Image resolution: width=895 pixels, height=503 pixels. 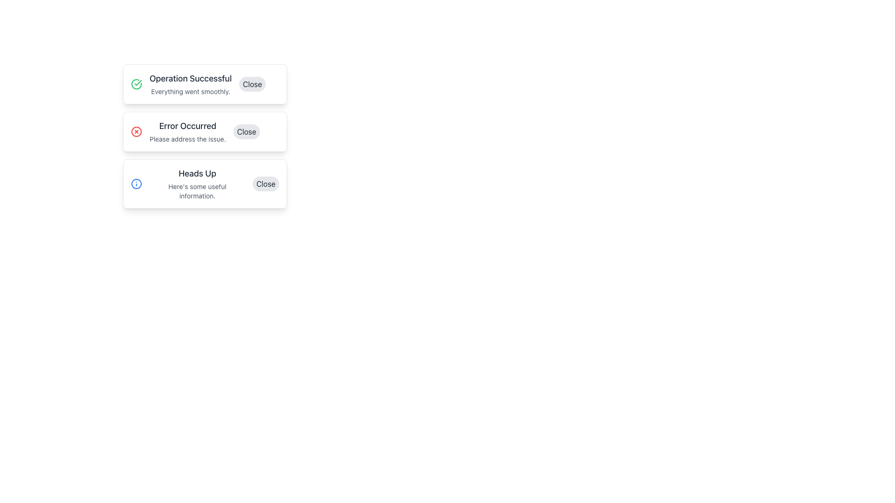 What do you see at coordinates (265, 184) in the screenshot?
I see `the closure button at the rightmost end of the 'Heads Up' notification card to observe the color change` at bounding box center [265, 184].